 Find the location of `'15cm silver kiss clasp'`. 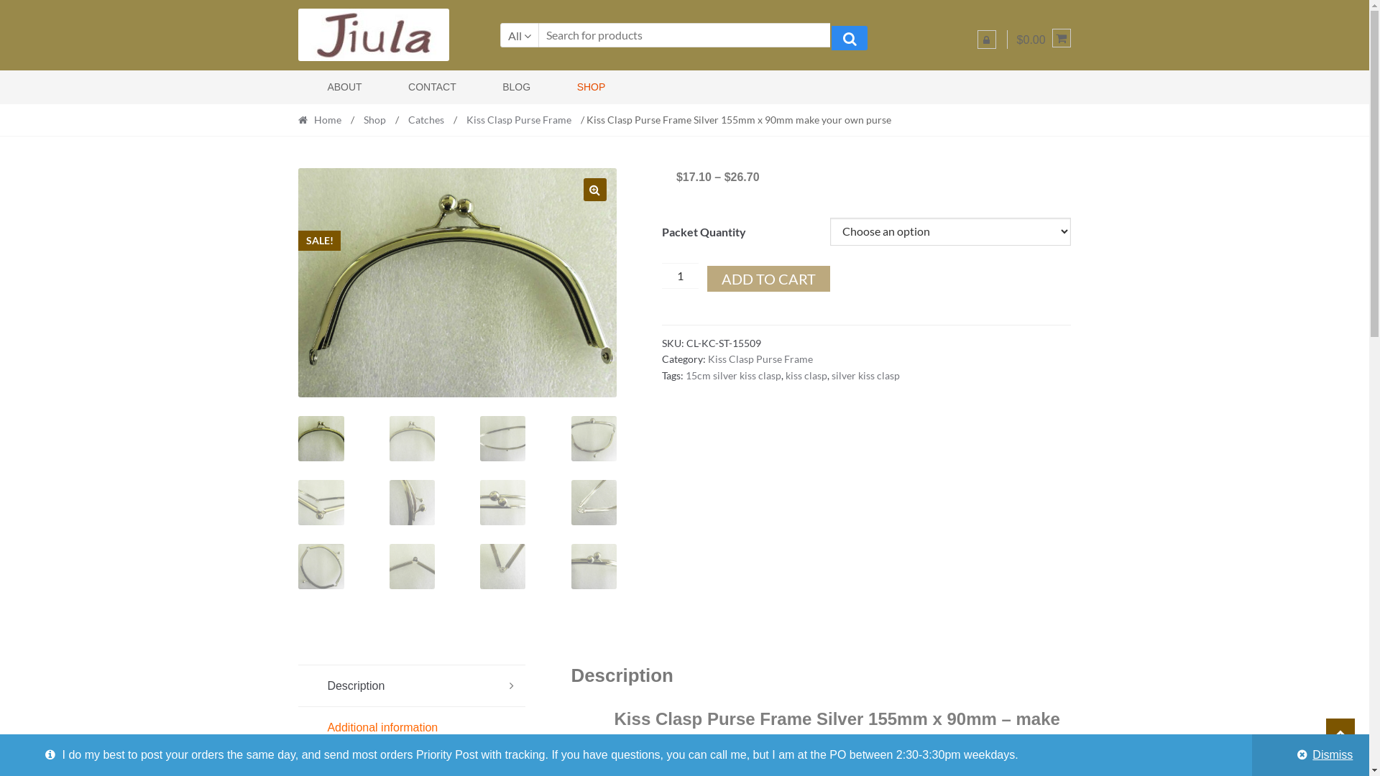

'15cm silver kiss clasp' is located at coordinates (685, 374).